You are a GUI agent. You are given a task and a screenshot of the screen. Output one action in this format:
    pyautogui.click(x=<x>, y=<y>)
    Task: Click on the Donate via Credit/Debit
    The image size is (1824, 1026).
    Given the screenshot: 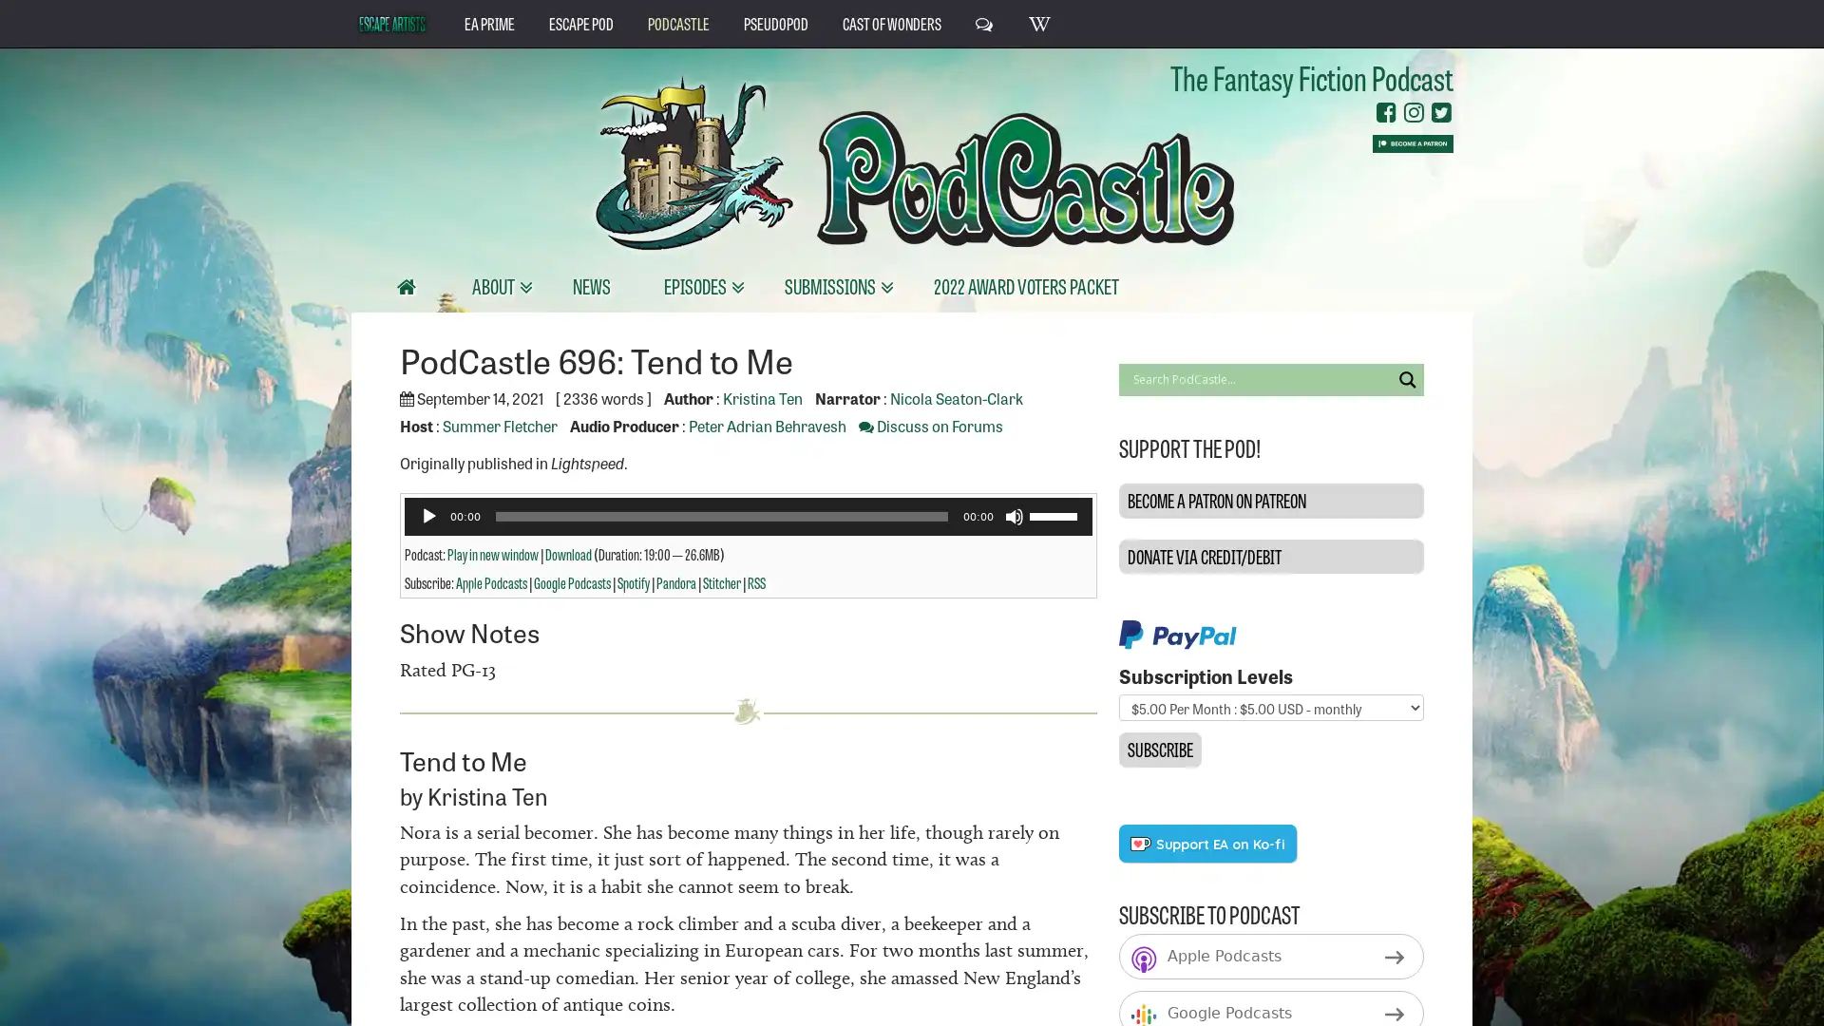 What is the action you would take?
    pyautogui.click(x=1270, y=556)
    